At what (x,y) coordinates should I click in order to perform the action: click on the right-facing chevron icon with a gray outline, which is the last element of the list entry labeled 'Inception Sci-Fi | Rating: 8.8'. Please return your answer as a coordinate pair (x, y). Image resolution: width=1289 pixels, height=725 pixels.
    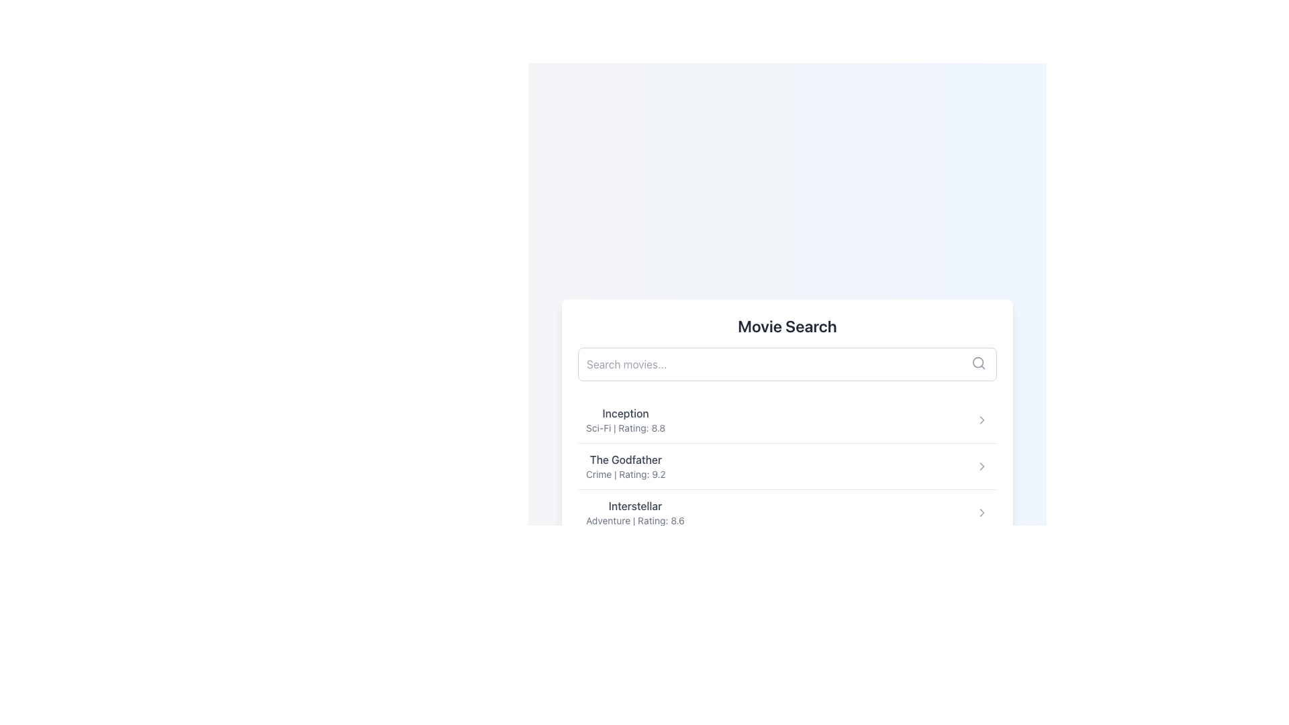
    Looking at the image, I should click on (982, 419).